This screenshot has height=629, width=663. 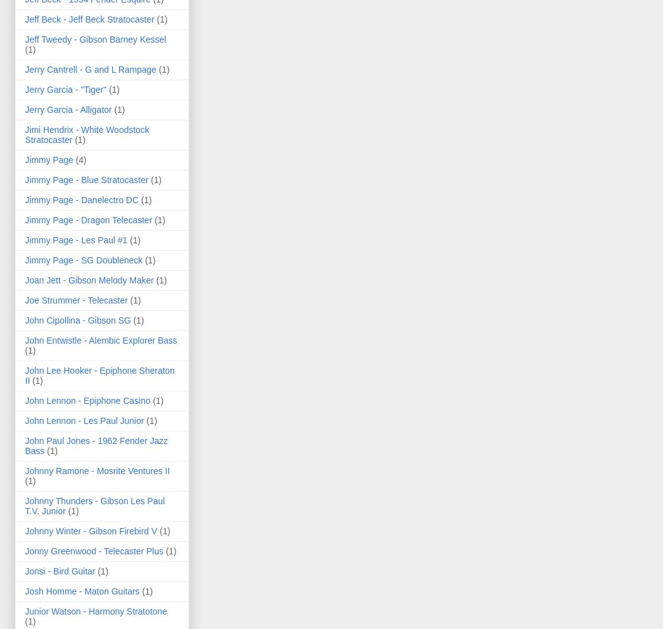 I want to click on '(4)', so click(x=80, y=159).